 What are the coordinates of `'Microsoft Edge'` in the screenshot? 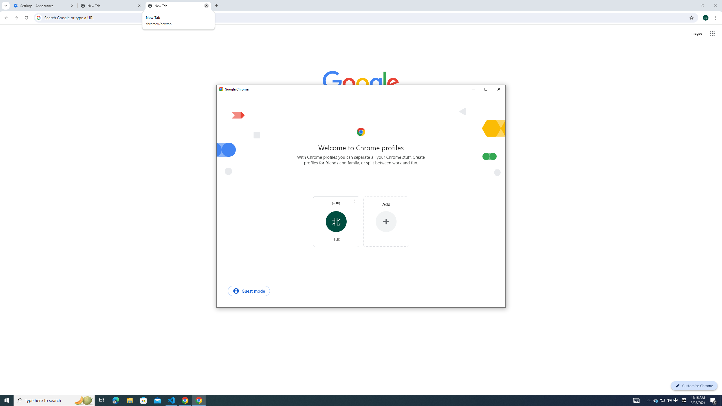 It's located at (144, 400).